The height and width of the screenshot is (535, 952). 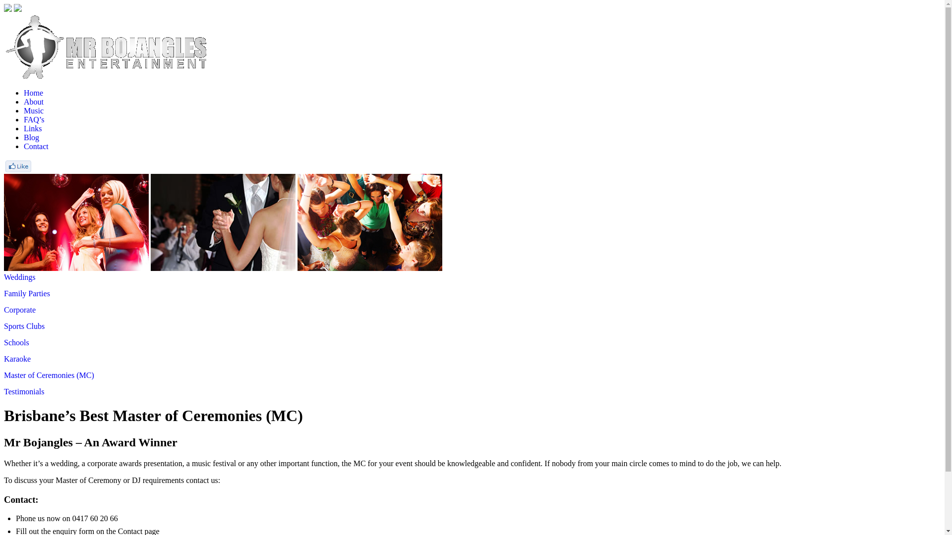 What do you see at coordinates (4, 293) in the screenshot?
I see `'Family Parties'` at bounding box center [4, 293].